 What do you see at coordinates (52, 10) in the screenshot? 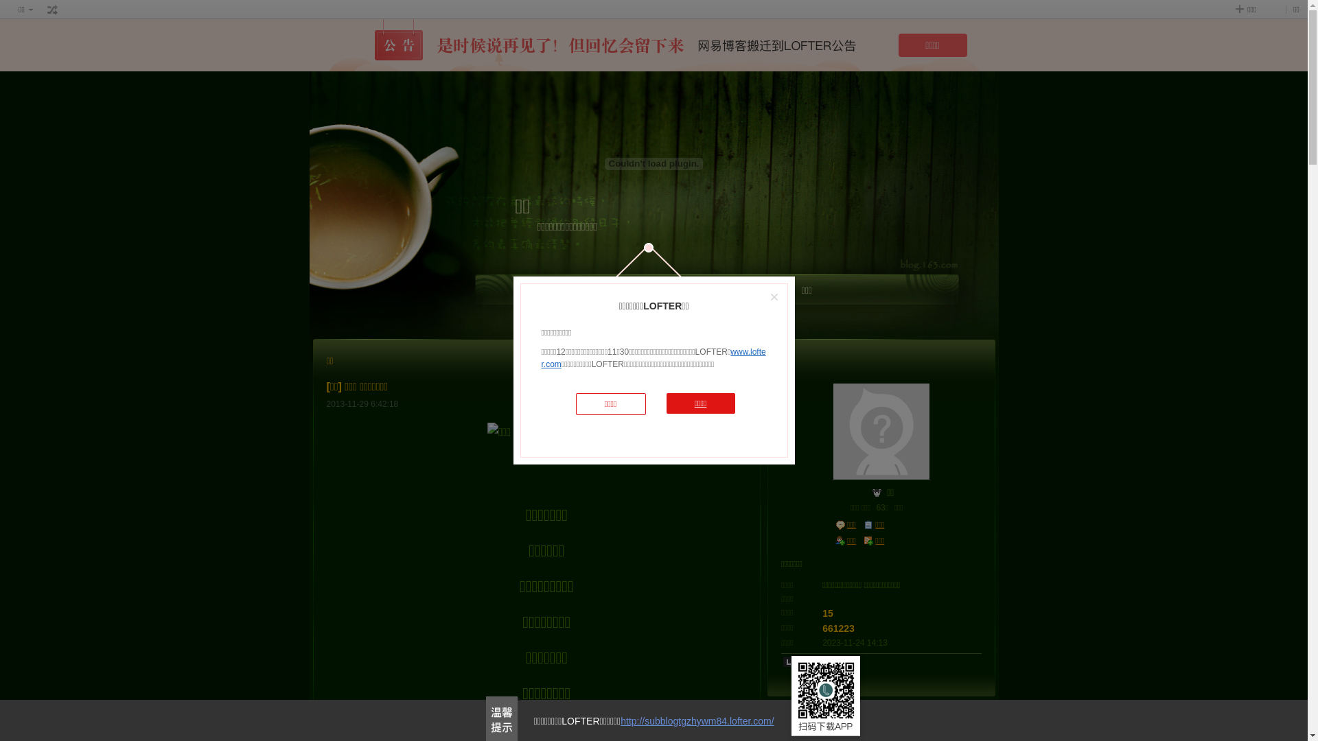
I see `' '` at bounding box center [52, 10].